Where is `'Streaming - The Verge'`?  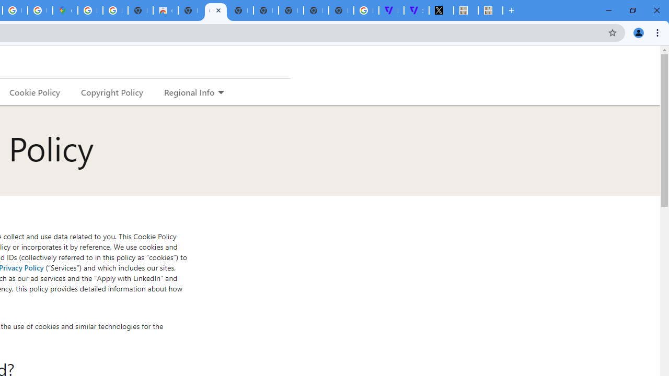 'Streaming - The Verge' is located at coordinates (416, 10).